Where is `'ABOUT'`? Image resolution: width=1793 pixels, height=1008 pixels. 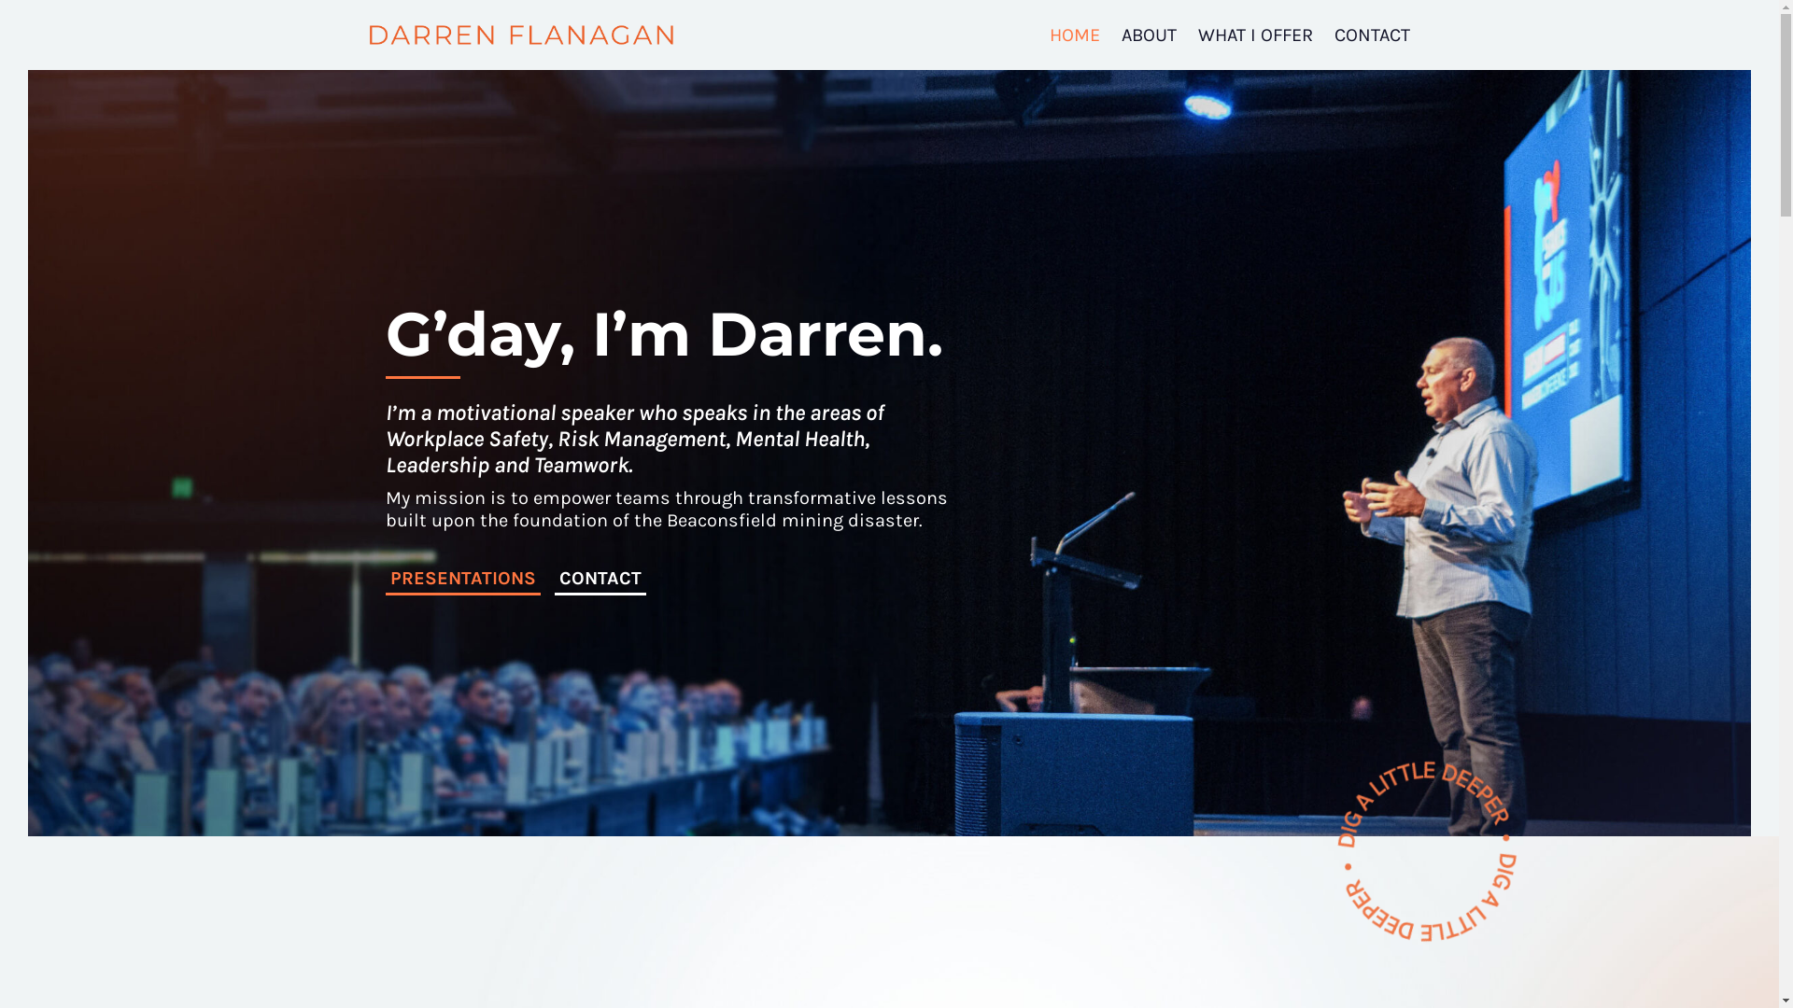 'ABOUT' is located at coordinates (1148, 35).